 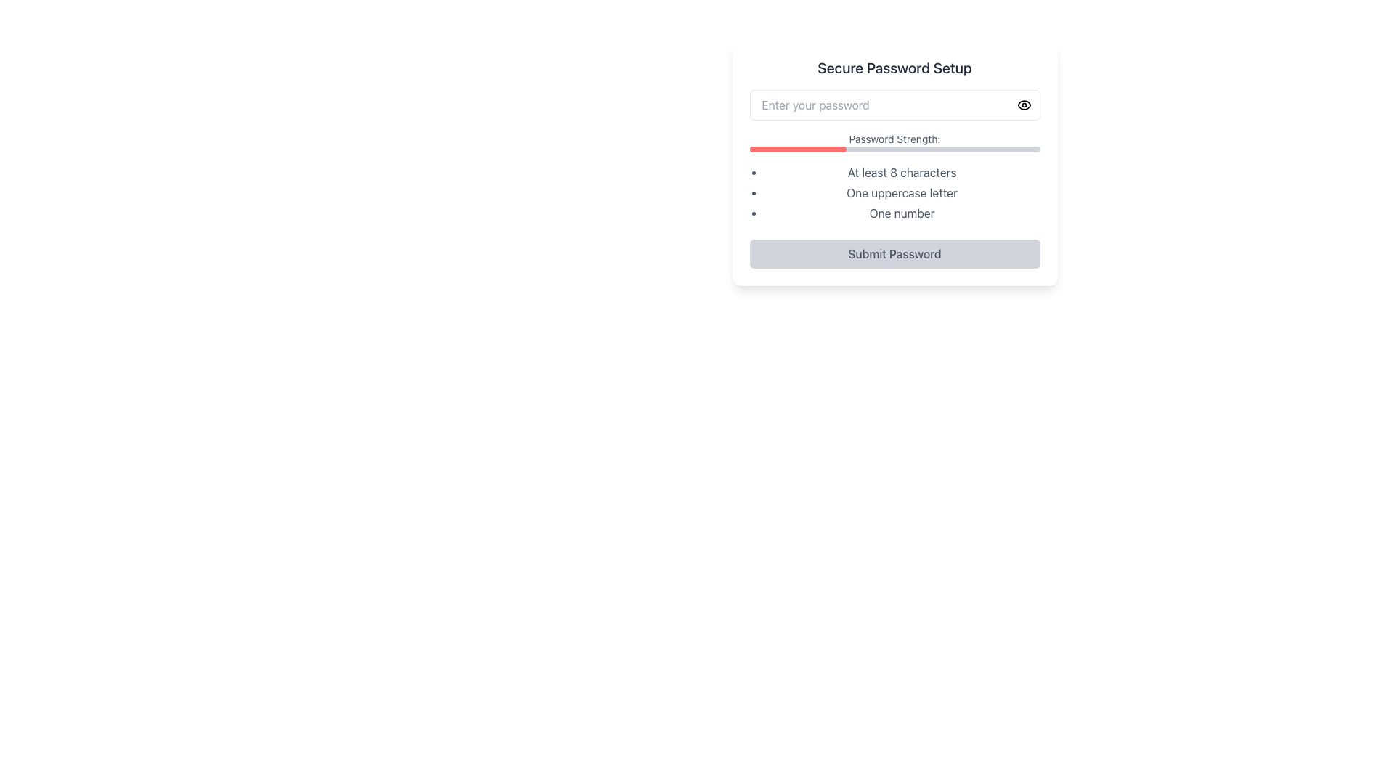 What do you see at coordinates (901, 213) in the screenshot?
I see `the text display element that shows 'One number', which is the third item in the vertical list of password requirements` at bounding box center [901, 213].